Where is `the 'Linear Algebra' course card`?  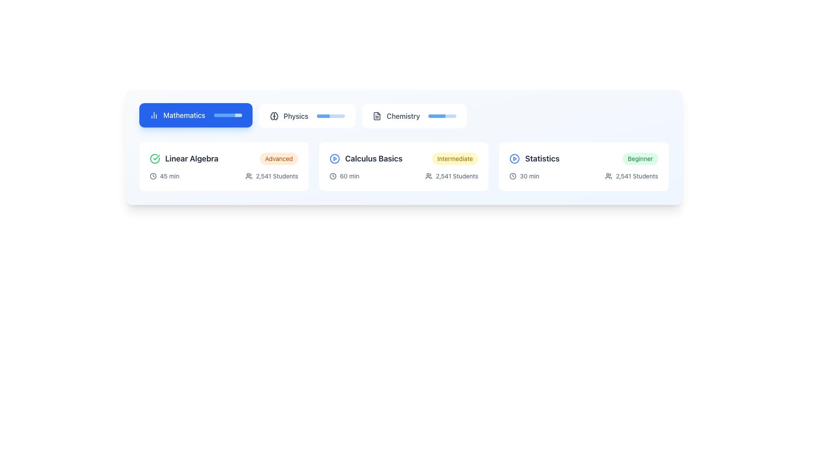 the 'Linear Algebra' course card is located at coordinates (224, 166).